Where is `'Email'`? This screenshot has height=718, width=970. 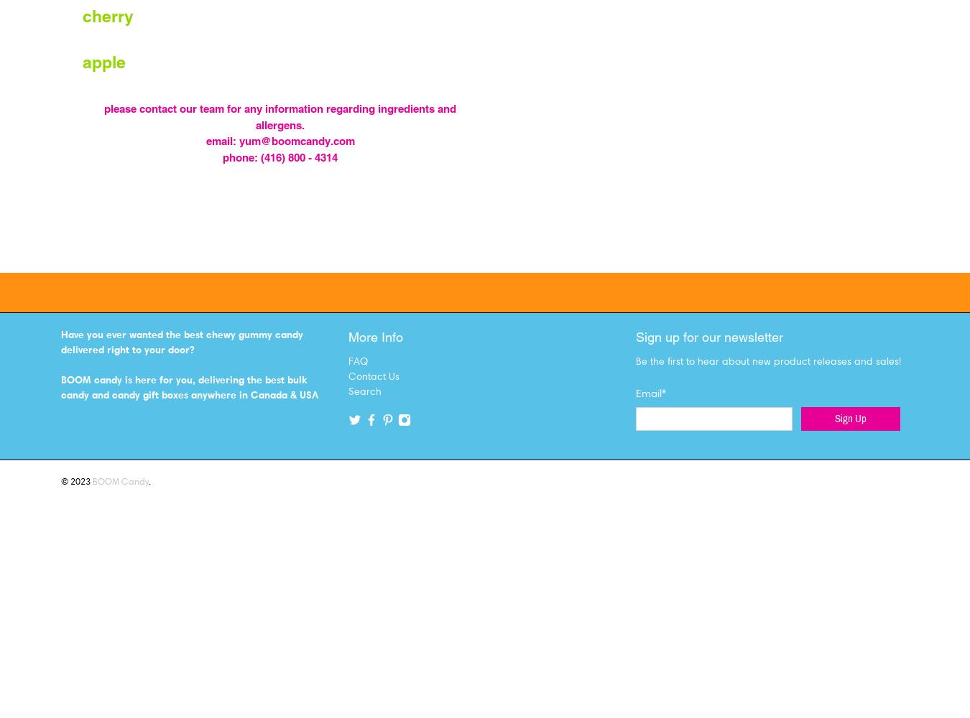 'Email' is located at coordinates (648, 393).